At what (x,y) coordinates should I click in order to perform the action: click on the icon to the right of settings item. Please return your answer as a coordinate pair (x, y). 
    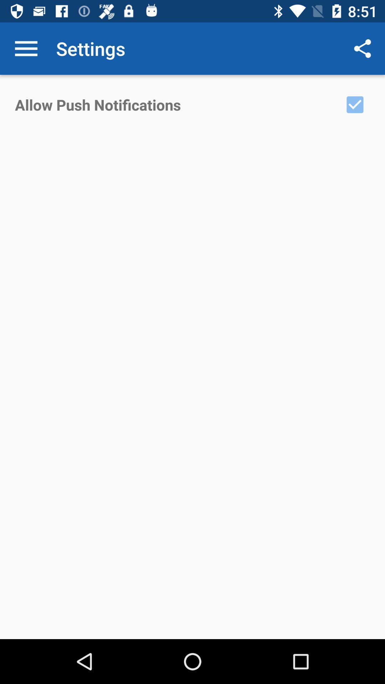
    Looking at the image, I should click on (363, 48).